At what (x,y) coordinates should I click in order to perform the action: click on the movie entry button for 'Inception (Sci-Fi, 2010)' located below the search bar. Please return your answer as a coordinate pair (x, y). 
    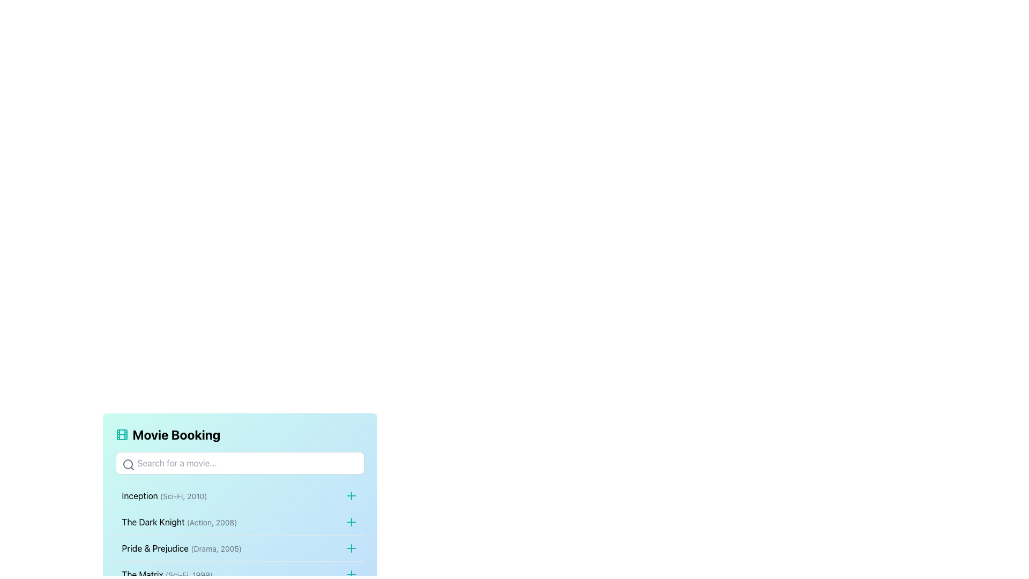
    Looking at the image, I should click on (239, 496).